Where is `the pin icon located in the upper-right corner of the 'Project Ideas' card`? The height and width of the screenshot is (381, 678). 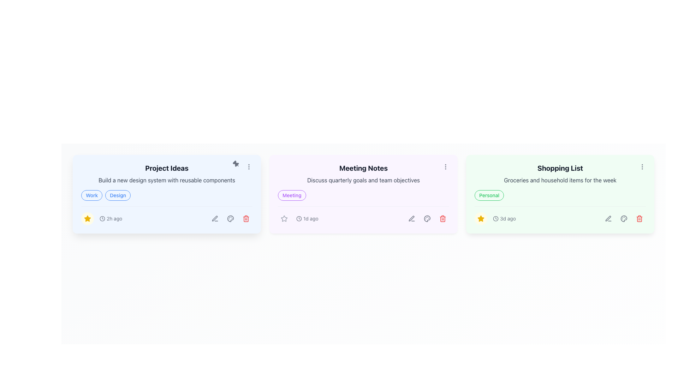 the pin icon located in the upper-right corner of the 'Project Ideas' card is located at coordinates (236, 164).